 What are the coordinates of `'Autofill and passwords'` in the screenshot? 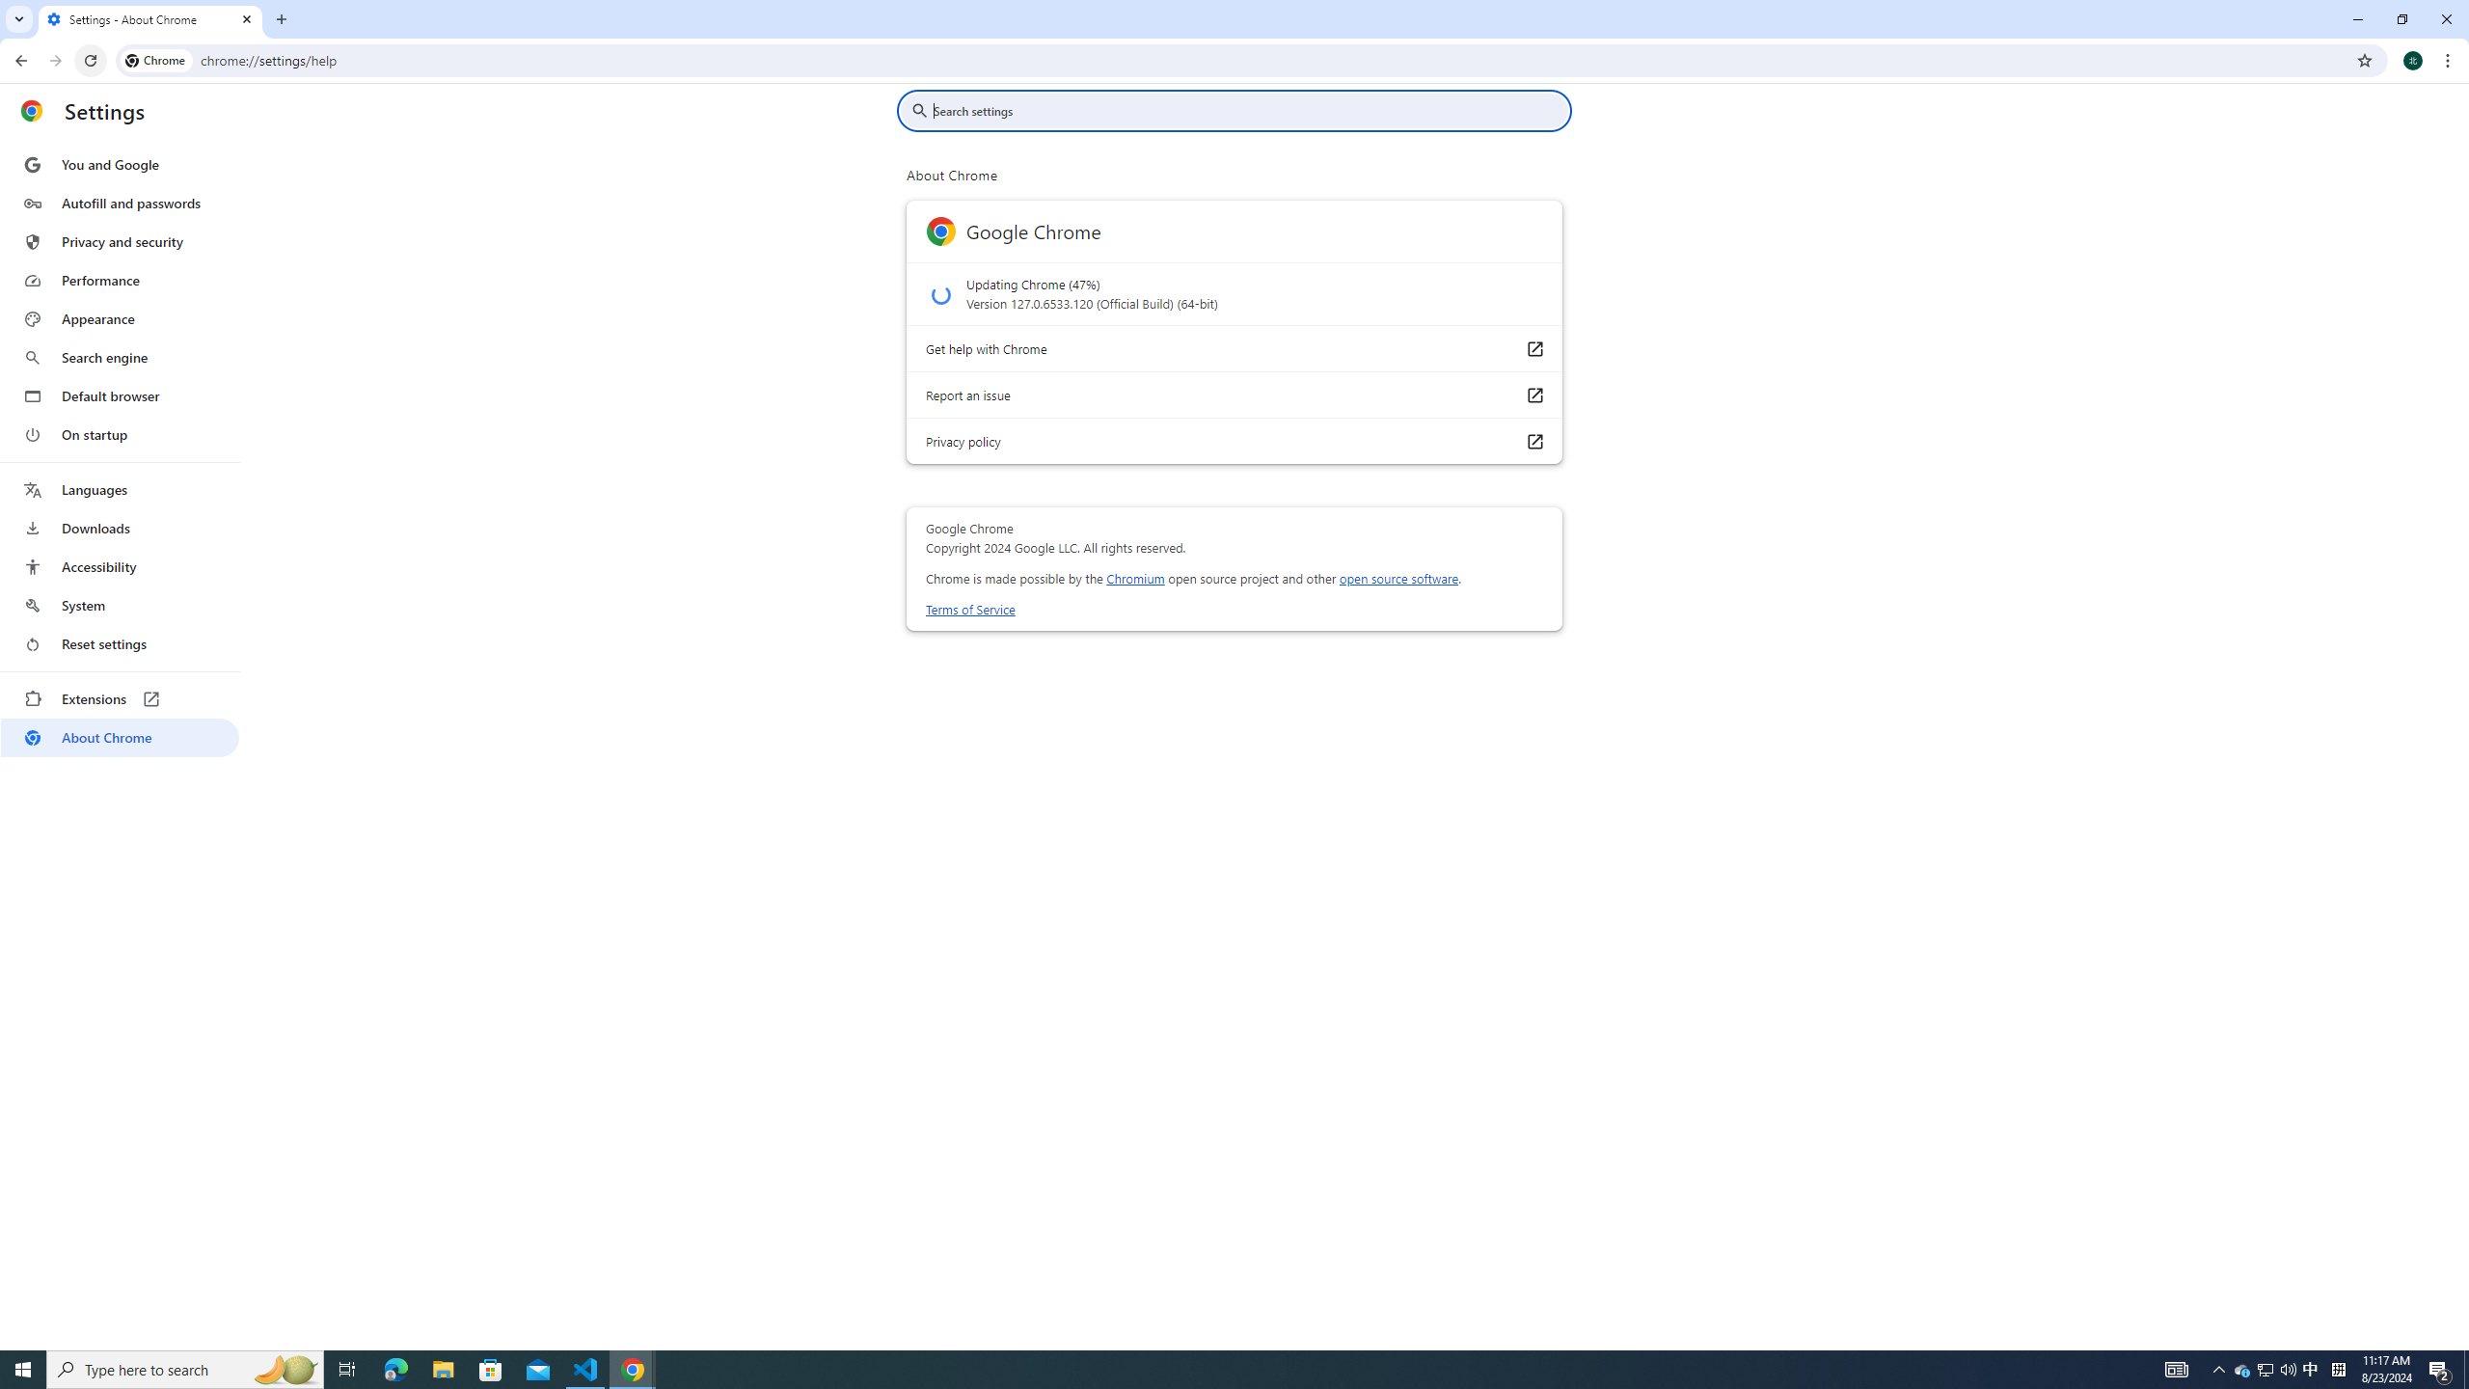 It's located at (119, 203).